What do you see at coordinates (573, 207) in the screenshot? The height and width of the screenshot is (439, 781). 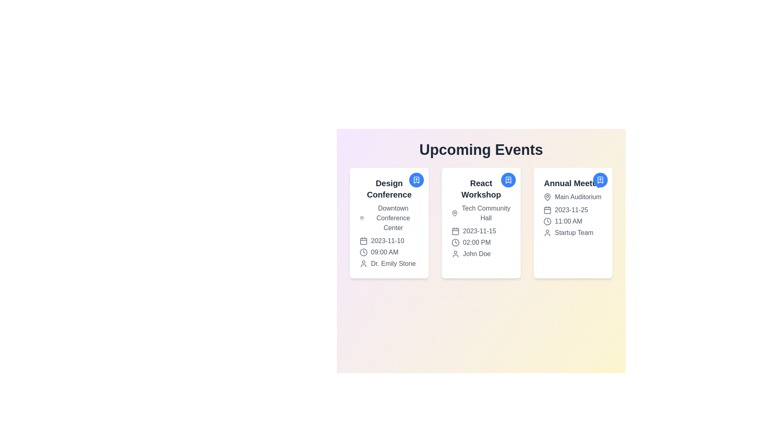 I see `the icons or text on the 'Annual Meetup' informational card located at the bottom-right of the events section, which includes details like location, date, and organizer` at bounding box center [573, 207].